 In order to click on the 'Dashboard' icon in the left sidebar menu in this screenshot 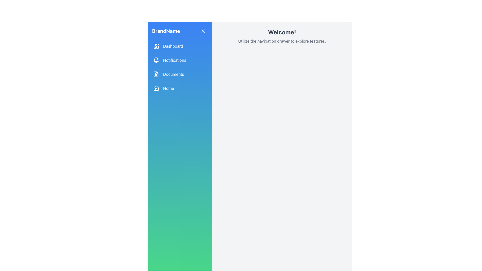, I will do `click(156, 46)`.